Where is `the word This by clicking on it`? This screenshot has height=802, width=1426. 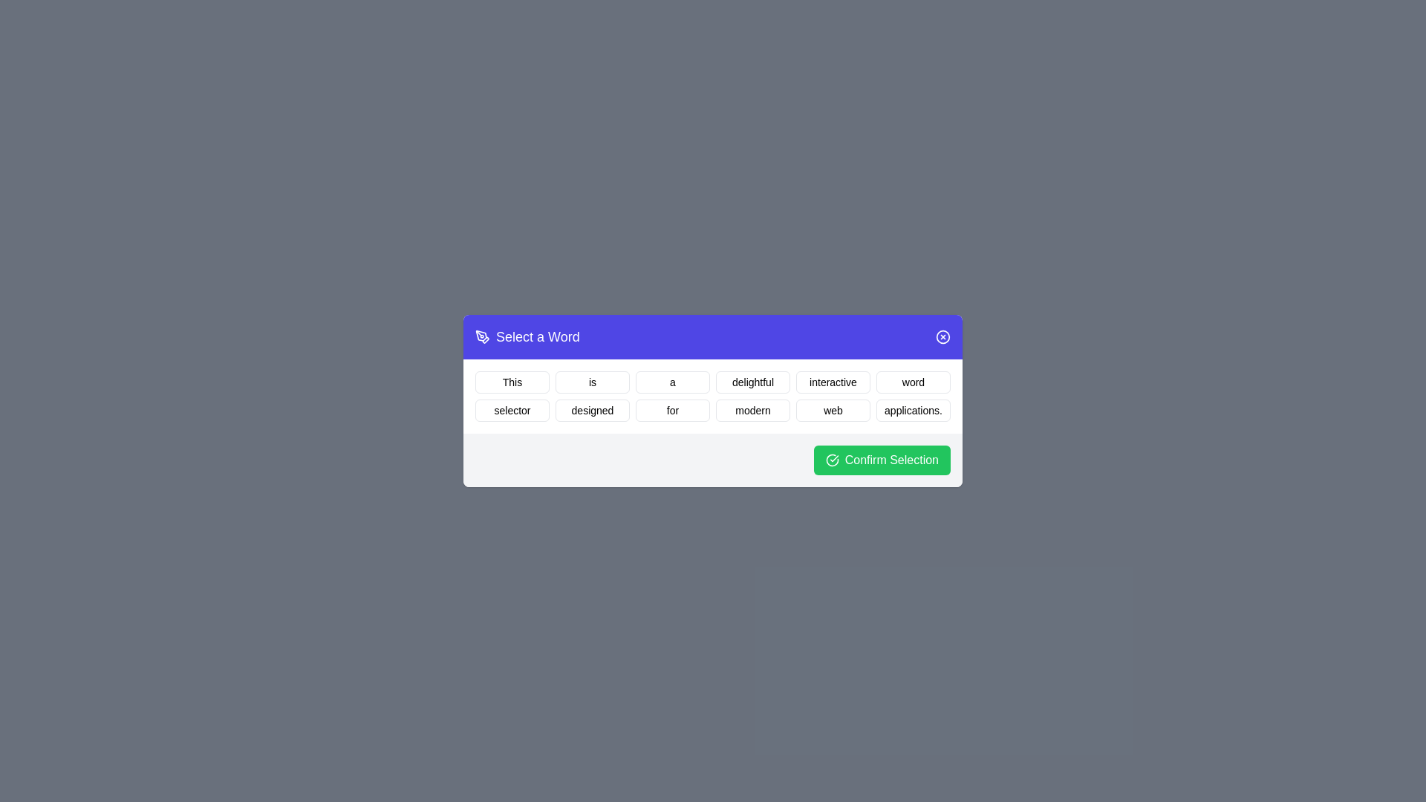
the word This by clicking on it is located at coordinates (512, 382).